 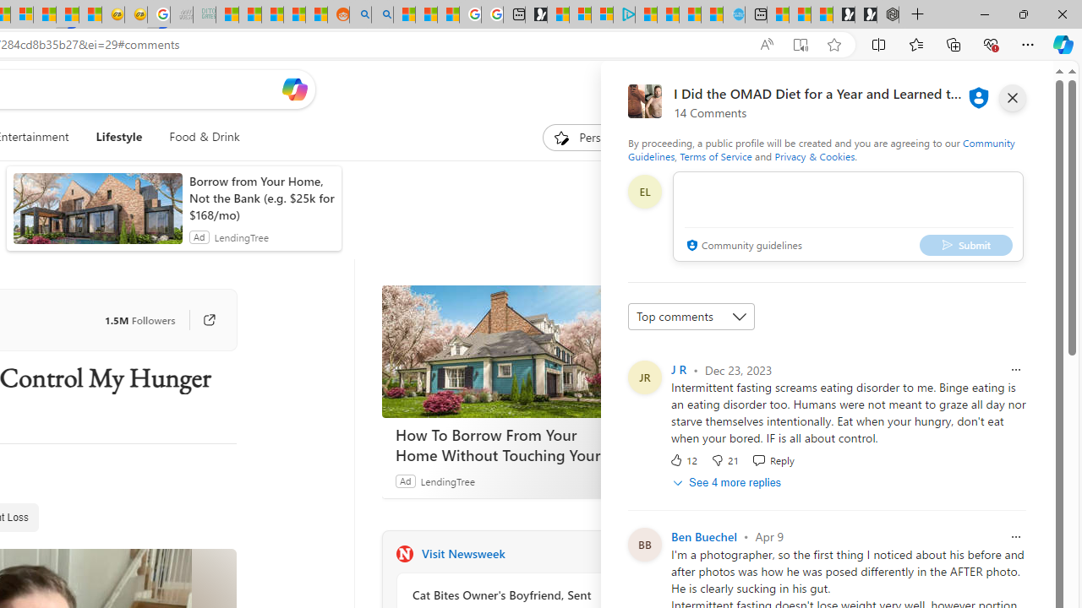 I want to click on 'comment-box', so click(x=848, y=215).